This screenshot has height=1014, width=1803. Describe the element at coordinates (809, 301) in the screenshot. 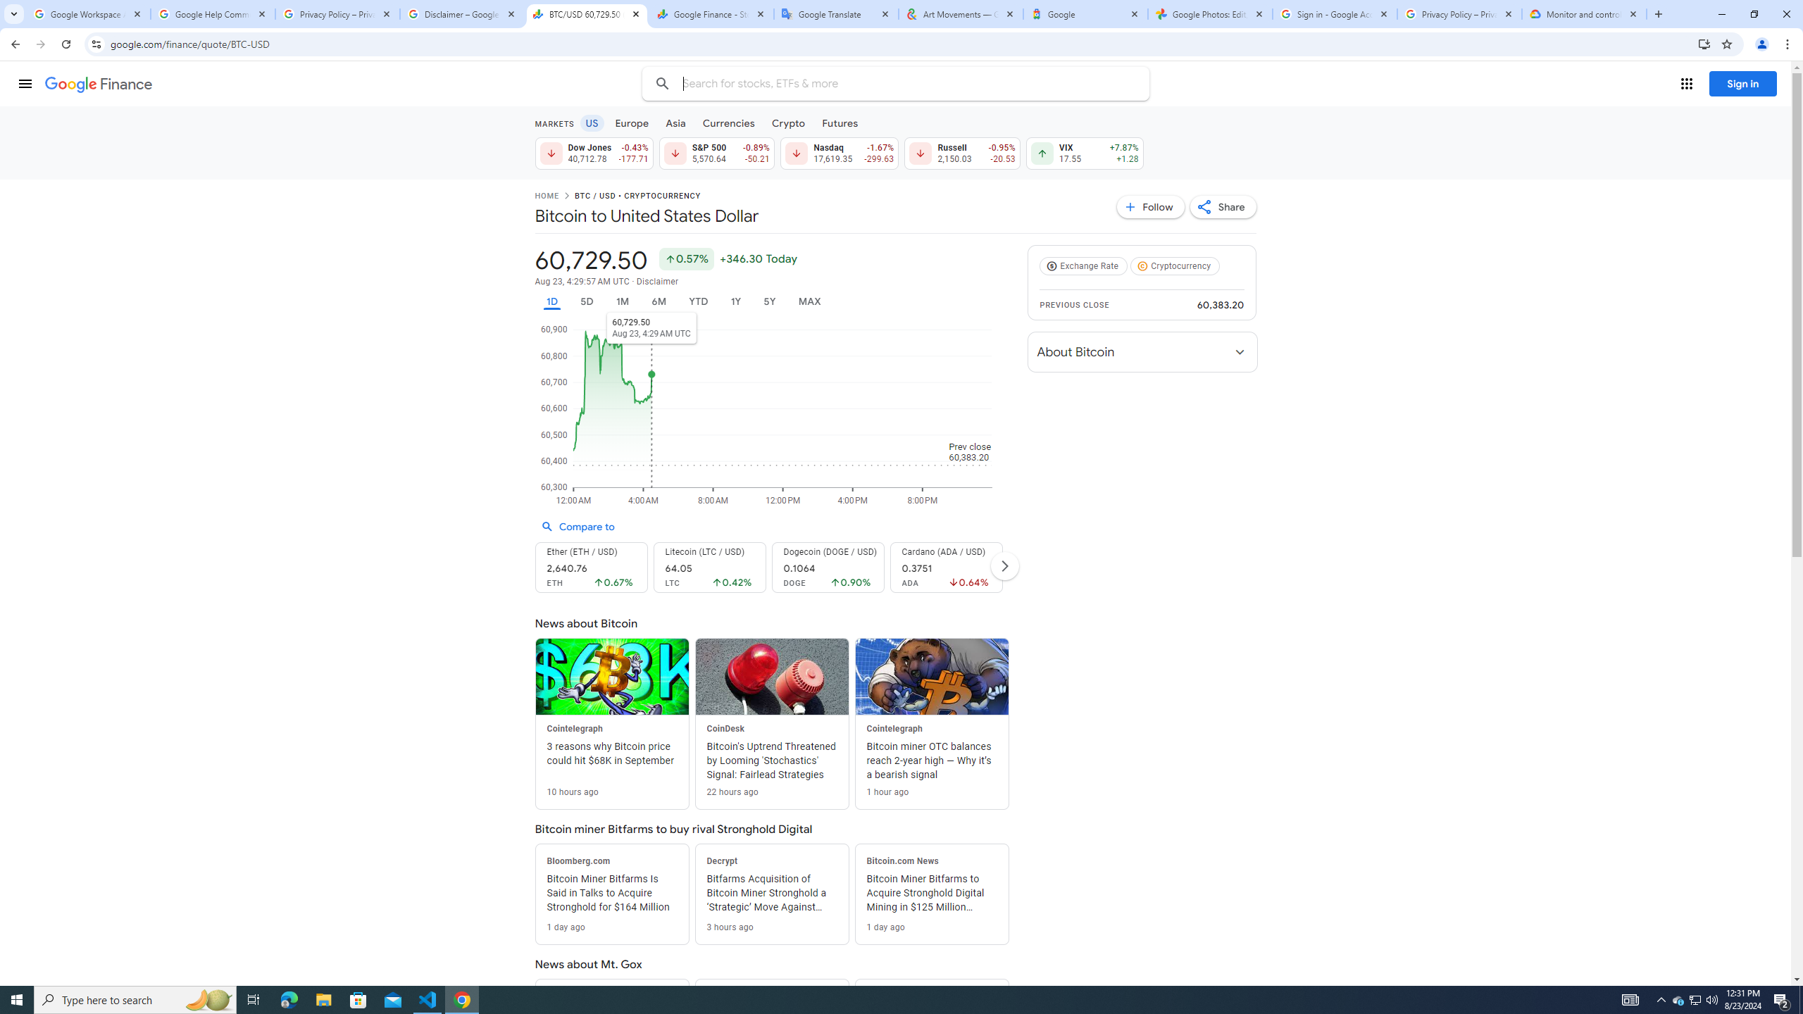

I see `'MAX'` at that location.